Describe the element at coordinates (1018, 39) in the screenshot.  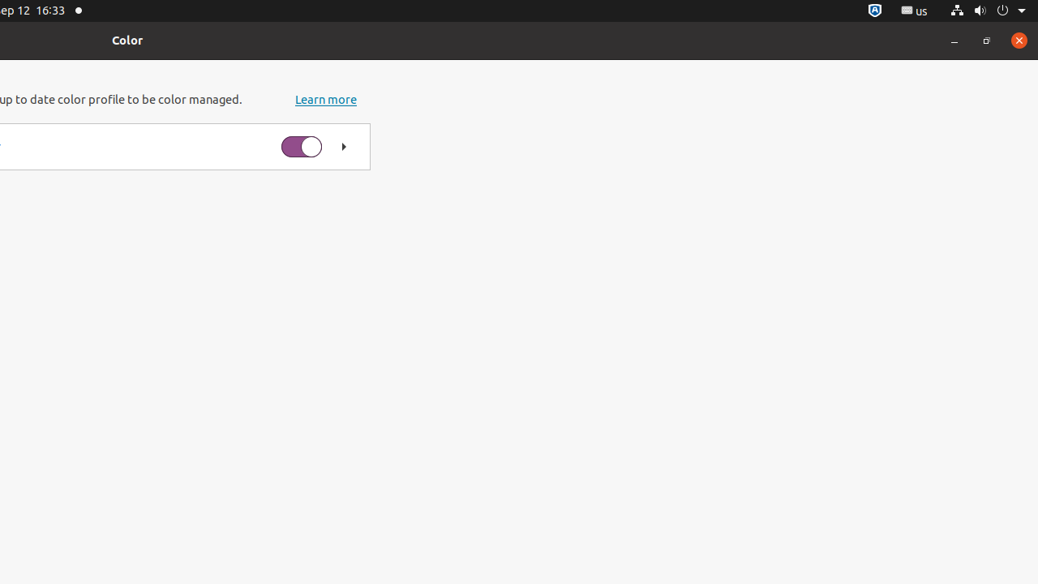
I see `'Close'` at that location.